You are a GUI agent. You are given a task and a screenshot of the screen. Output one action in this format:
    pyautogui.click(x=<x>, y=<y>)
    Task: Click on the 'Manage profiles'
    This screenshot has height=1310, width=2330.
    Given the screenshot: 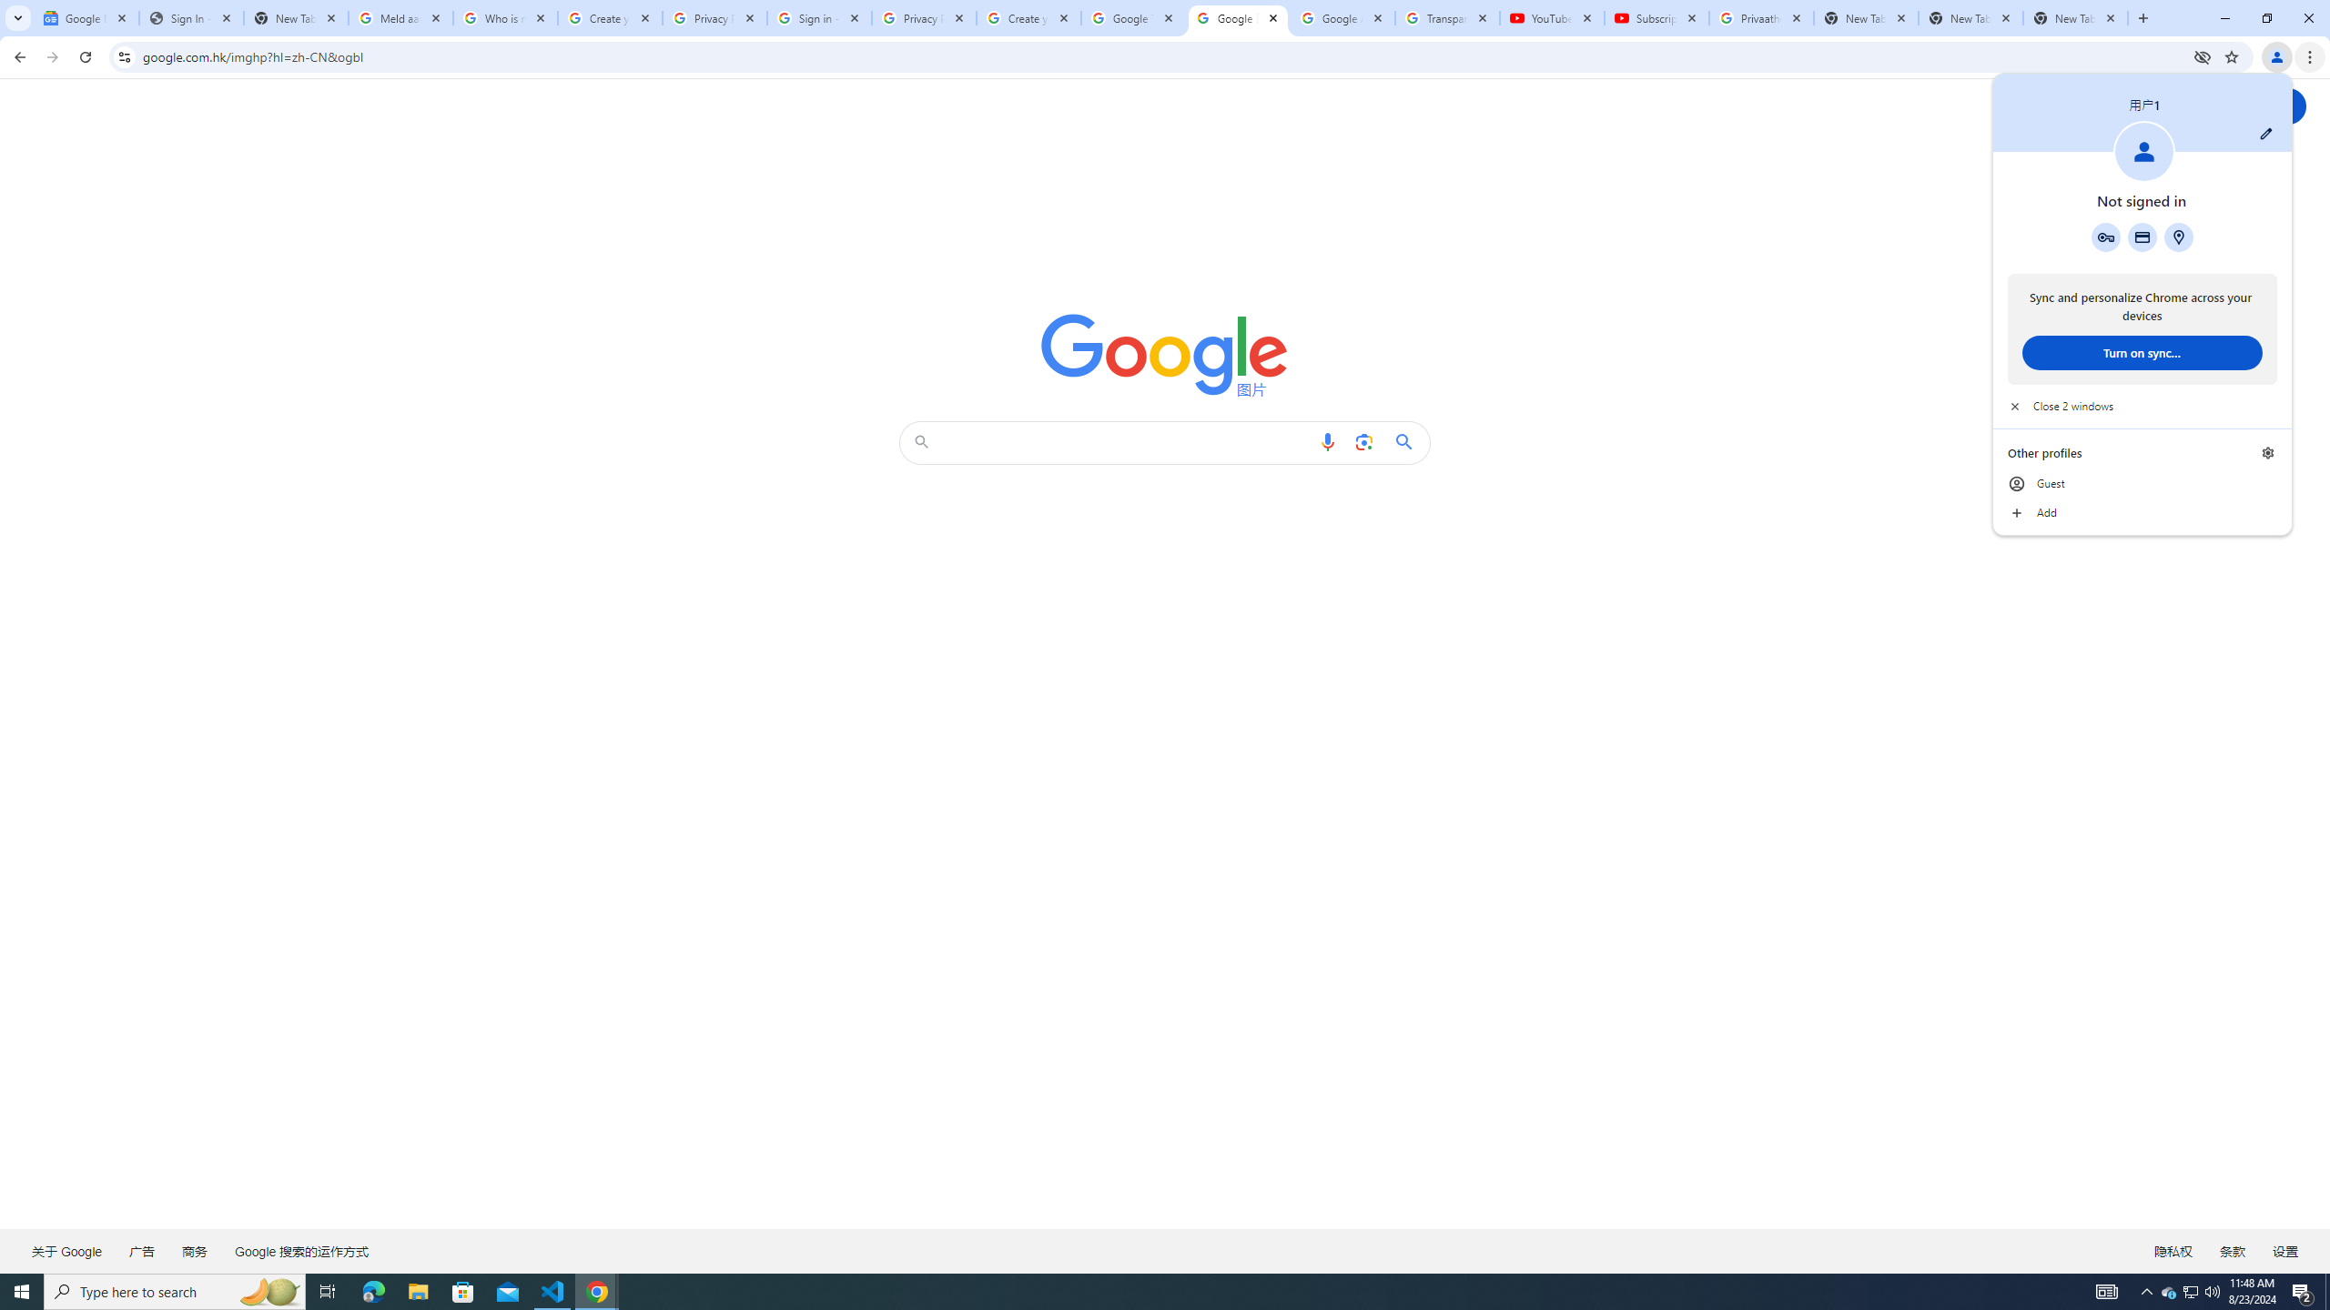 What is the action you would take?
    pyautogui.click(x=2267, y=452)
    